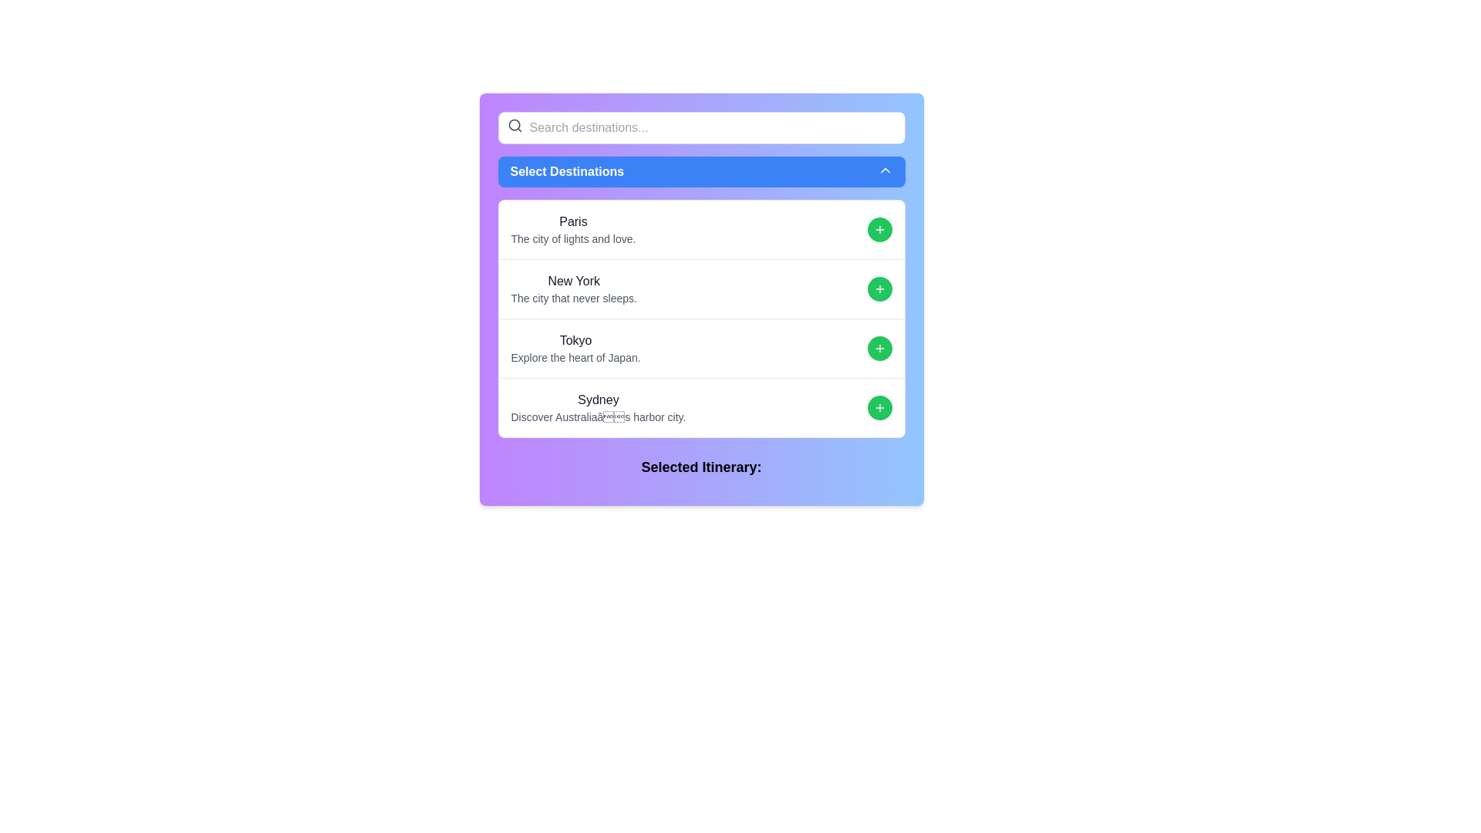 The height and width of the screenshot is (833, 1481). What do you see at coordinates (879, 288) in the screenshot?
I see `the button located at the rightmost position of the row containing 'New York'` at bounding box center [879, 288].